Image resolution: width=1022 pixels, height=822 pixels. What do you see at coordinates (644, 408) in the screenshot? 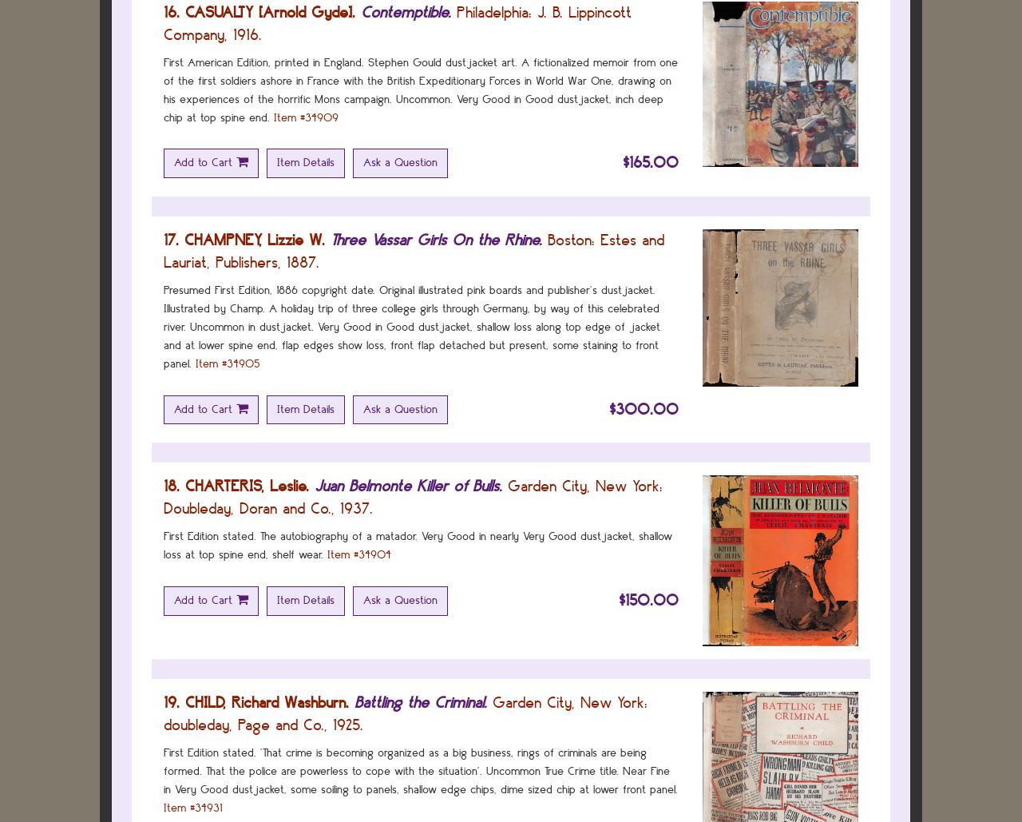
I see `'$300.00'` at bounding box center [644, 408].